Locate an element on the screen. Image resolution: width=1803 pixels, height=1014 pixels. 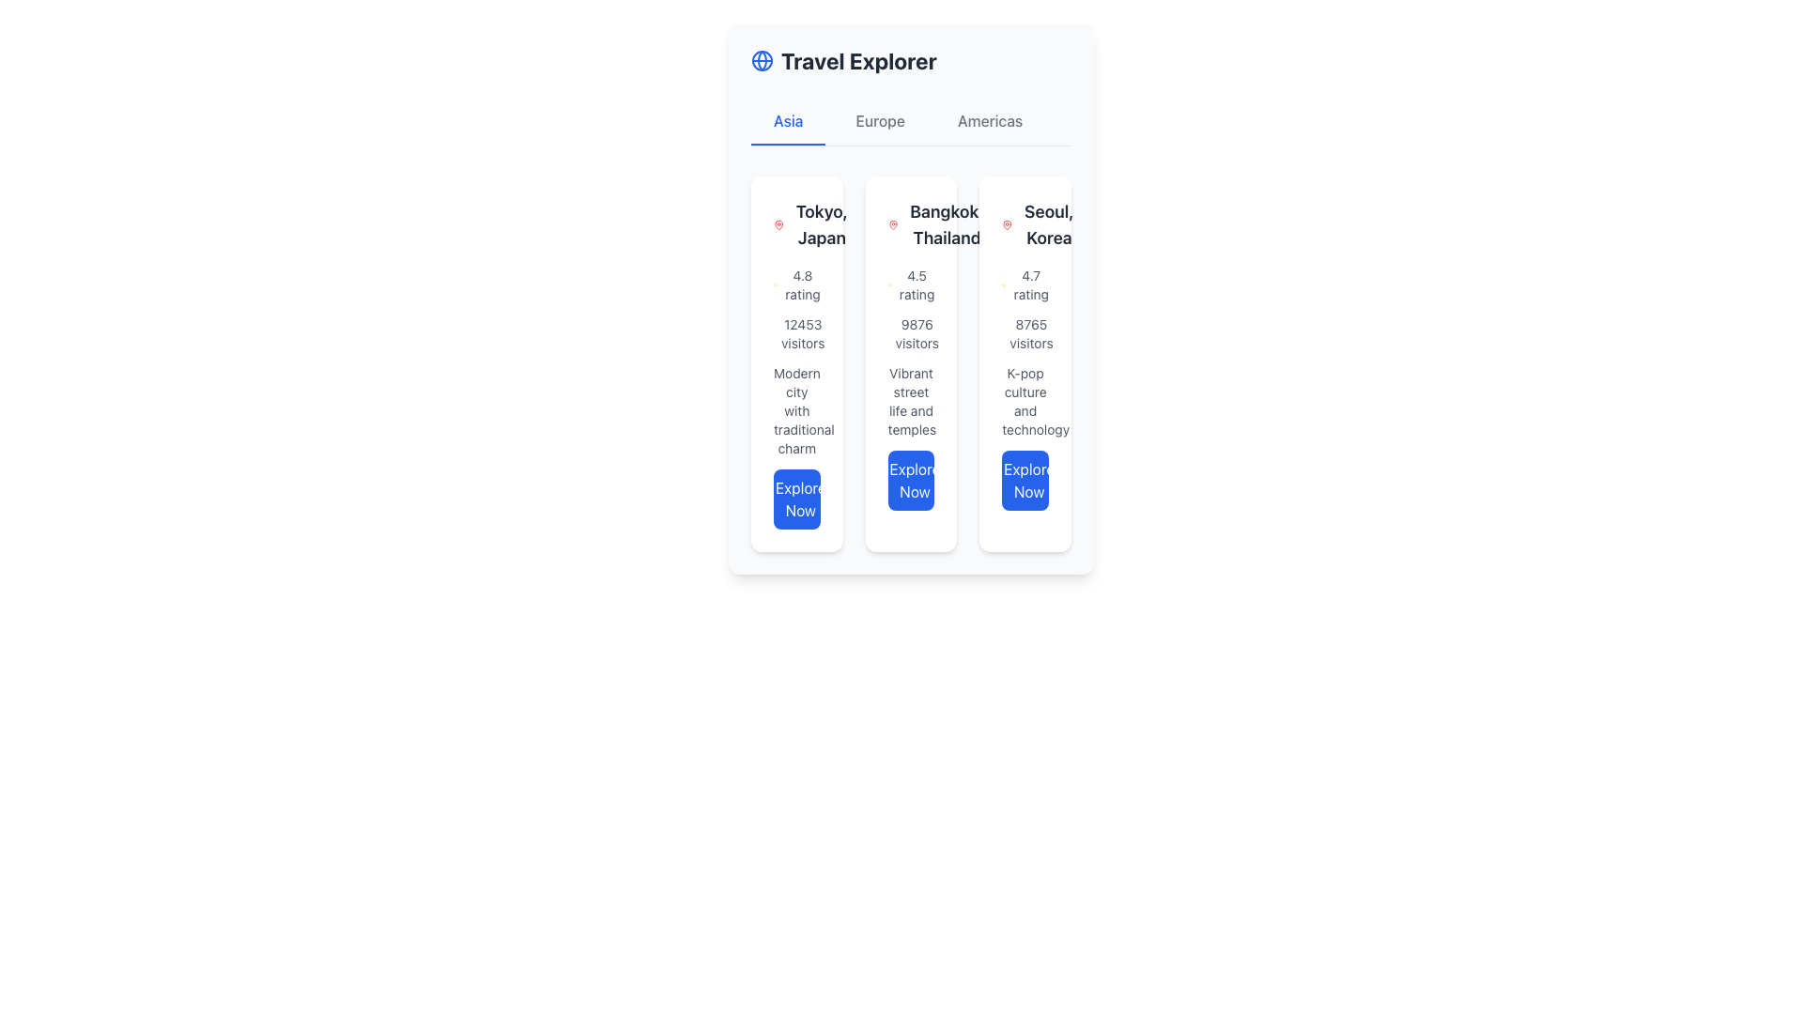
the text display showing '8765 visitors' in small gray font, located in the third card under 'Seoul, Korea', positioned between the rating display and the description text is located at coordinates (1025, 332).